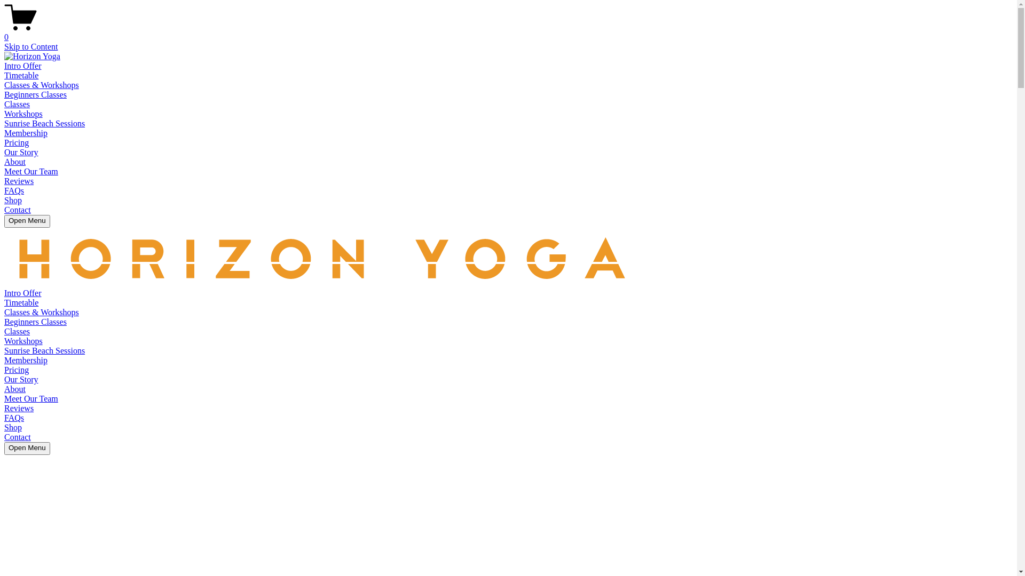 Image resolution: width=1025 pixels, height=576 pixels. I want to click on 'Shop', so click(13, 200).